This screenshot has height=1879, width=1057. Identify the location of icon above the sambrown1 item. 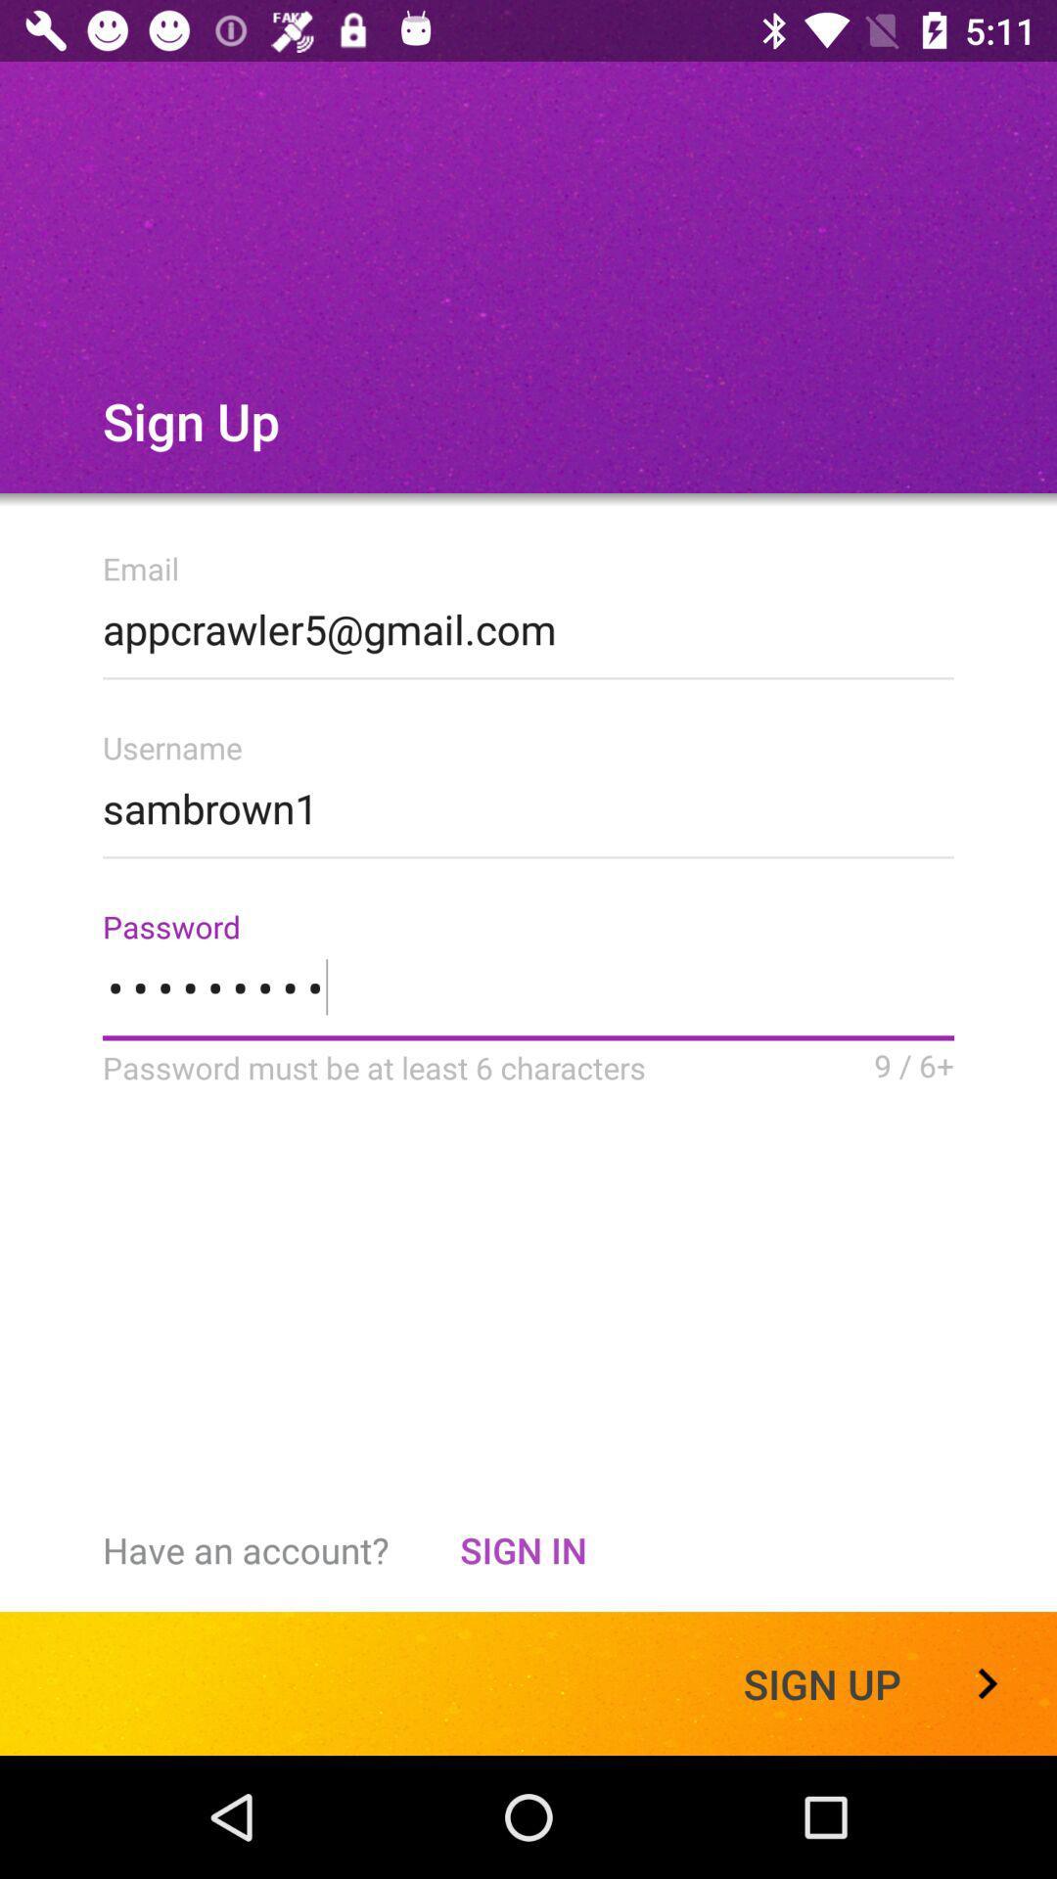
(528, 622).